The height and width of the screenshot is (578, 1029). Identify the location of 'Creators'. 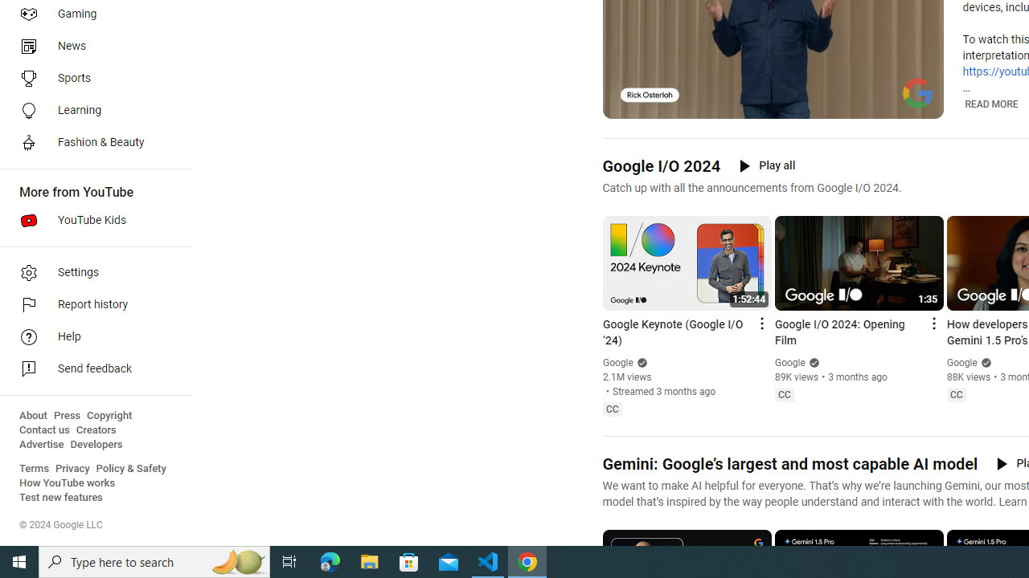
(95, 429).